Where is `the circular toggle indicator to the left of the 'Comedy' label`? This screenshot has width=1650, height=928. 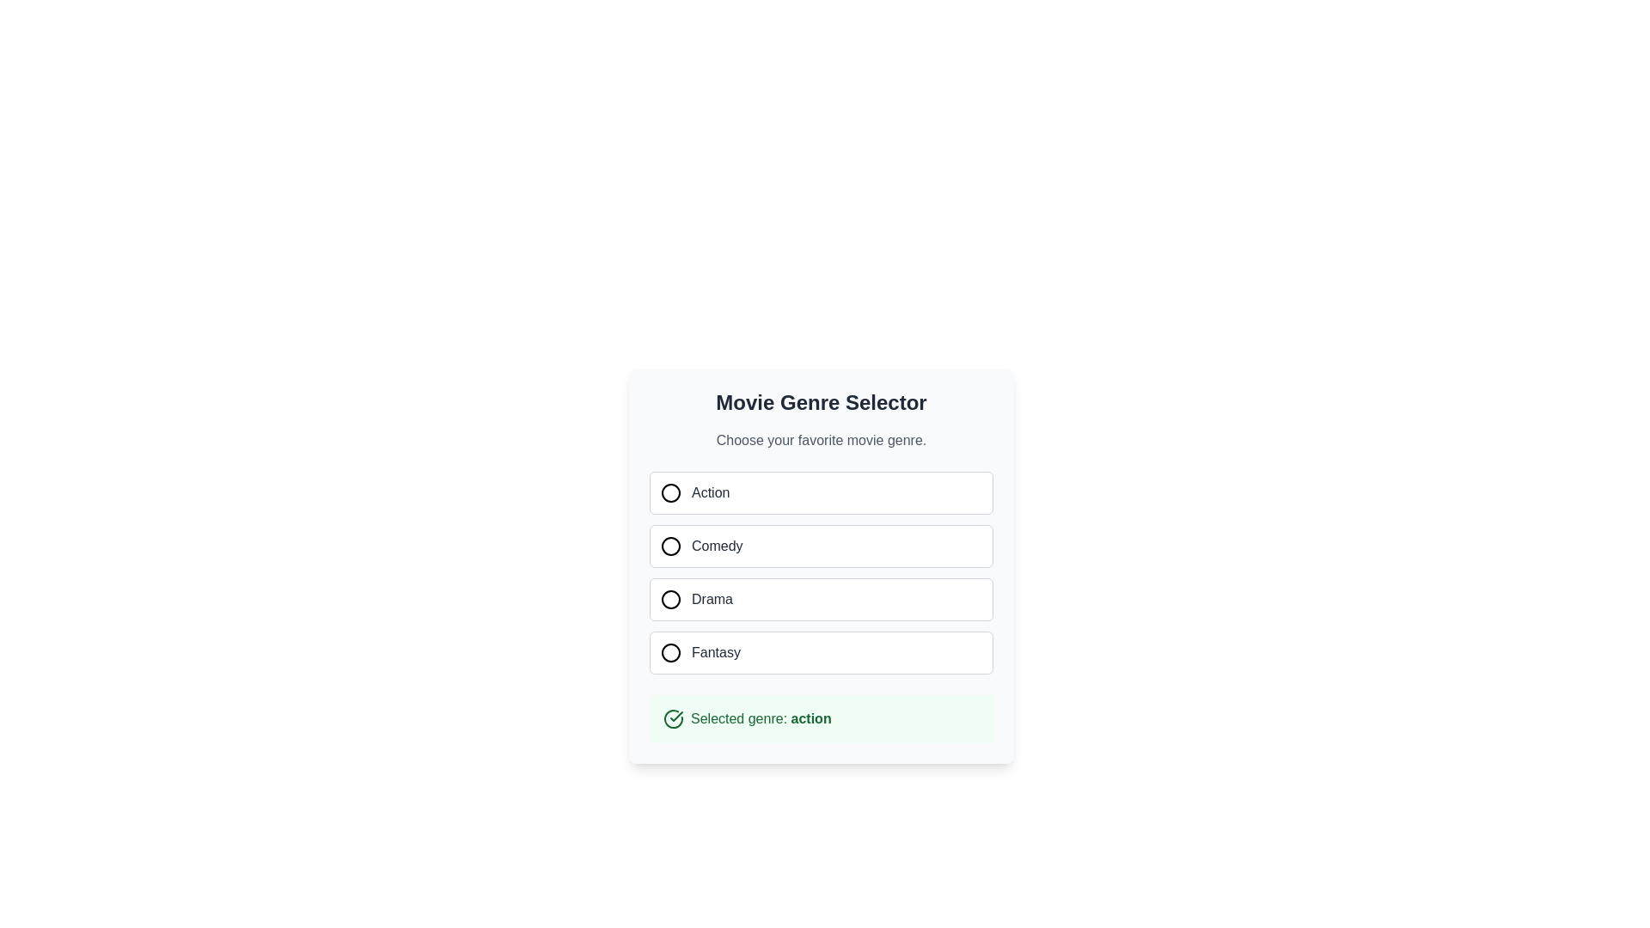 the circular toggle indicator to the left of the 'Comedy' label is located at coordinates (717, 546).